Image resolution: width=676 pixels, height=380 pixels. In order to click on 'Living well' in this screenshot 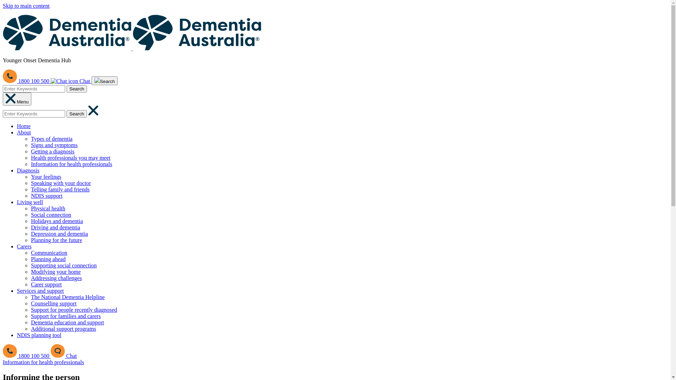, I will do `click(30, 202)`.